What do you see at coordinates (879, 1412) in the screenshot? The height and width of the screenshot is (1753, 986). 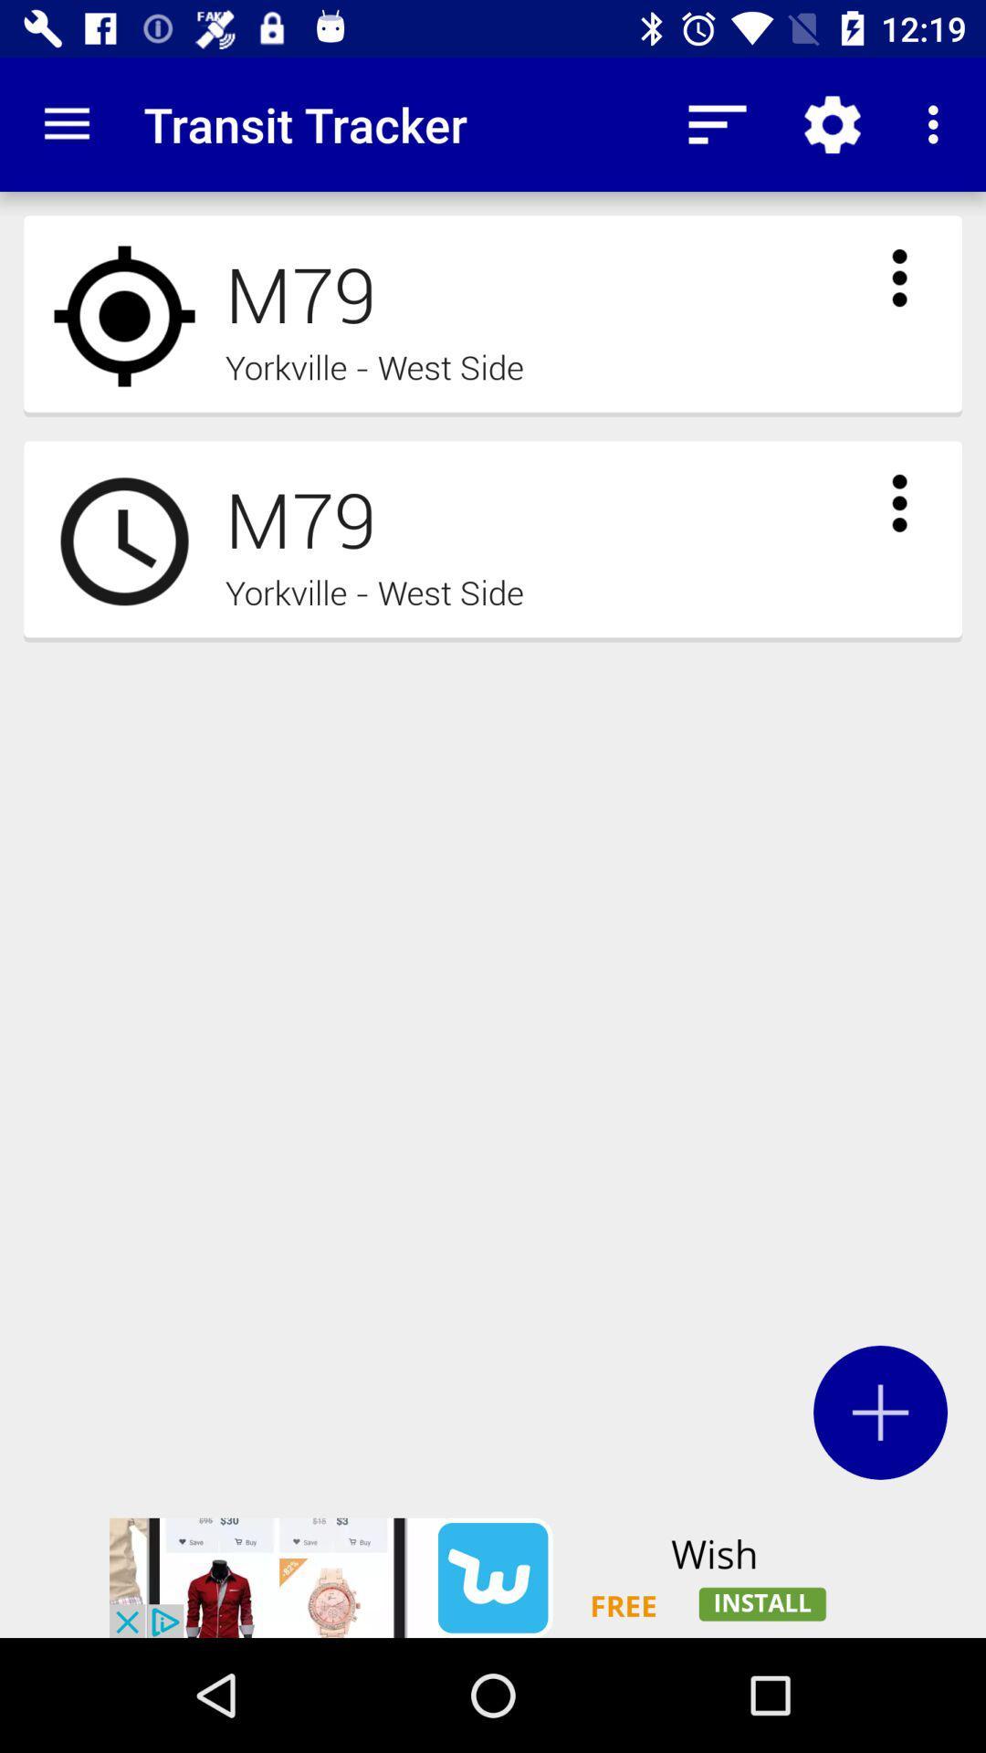 I see `add` at bounding box center [879, 1412].